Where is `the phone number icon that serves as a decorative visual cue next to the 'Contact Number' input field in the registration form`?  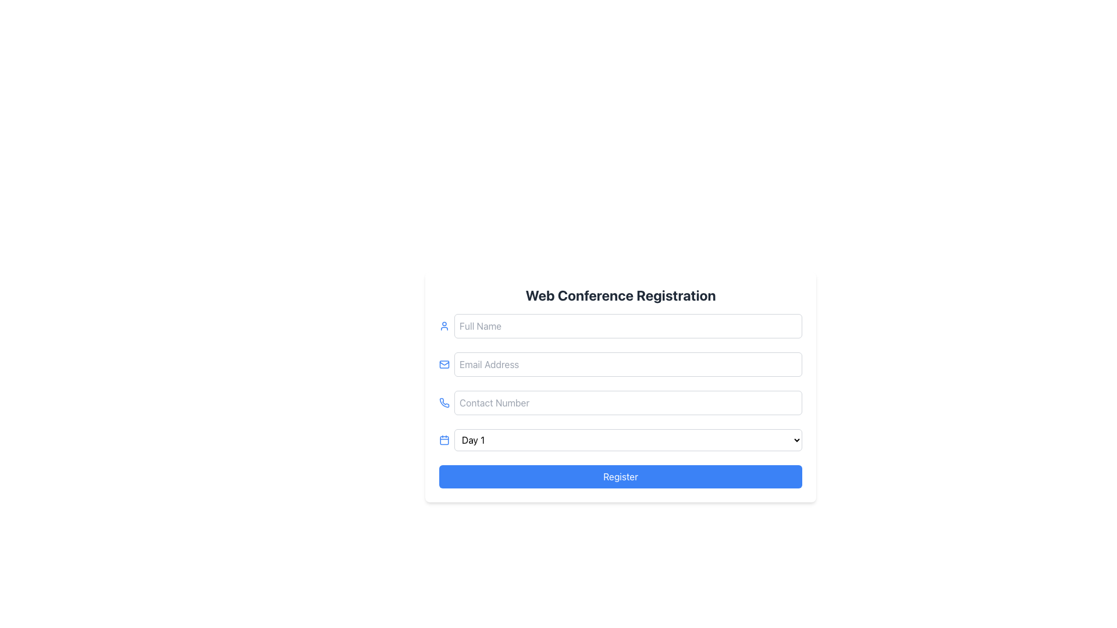
the phone number icon that serves as a decorative visual cue next to the 'Contact Number' input field in the registration form is located at coordinates (443, 402).